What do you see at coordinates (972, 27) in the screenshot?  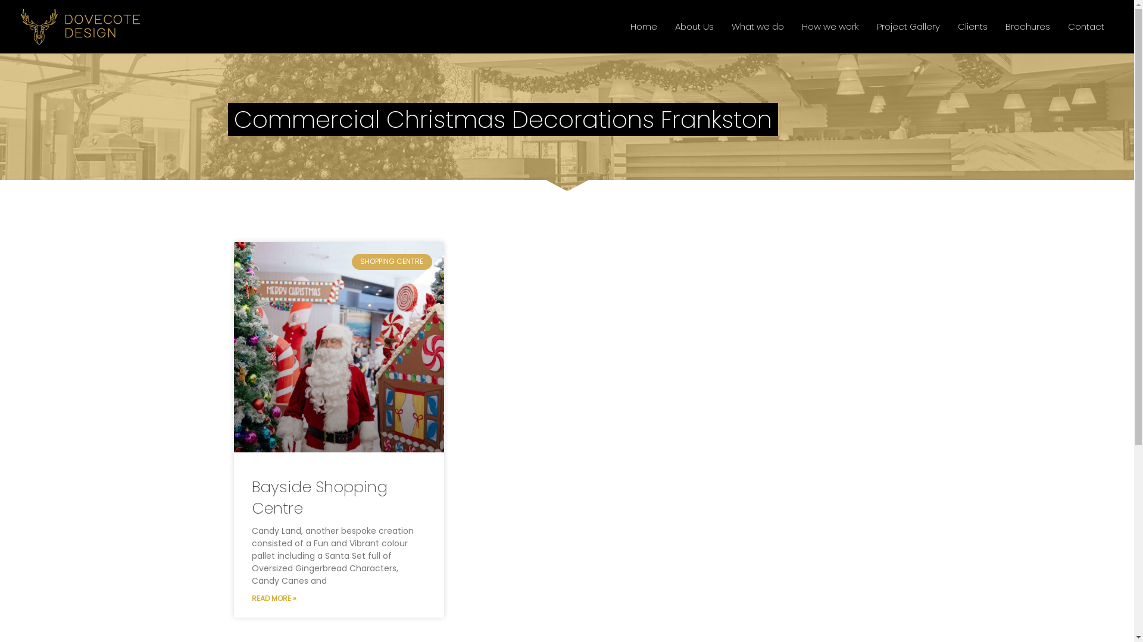 I see `'Clients'` at bounding box center [972, 27].